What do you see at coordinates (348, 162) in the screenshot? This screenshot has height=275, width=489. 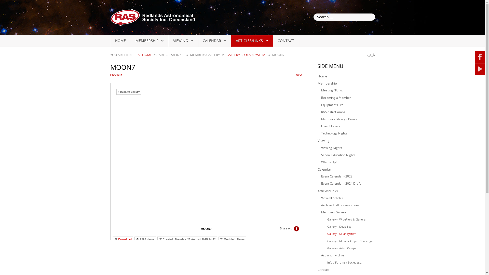 I see `'What's Up?'` at bounding box center [348, 162].